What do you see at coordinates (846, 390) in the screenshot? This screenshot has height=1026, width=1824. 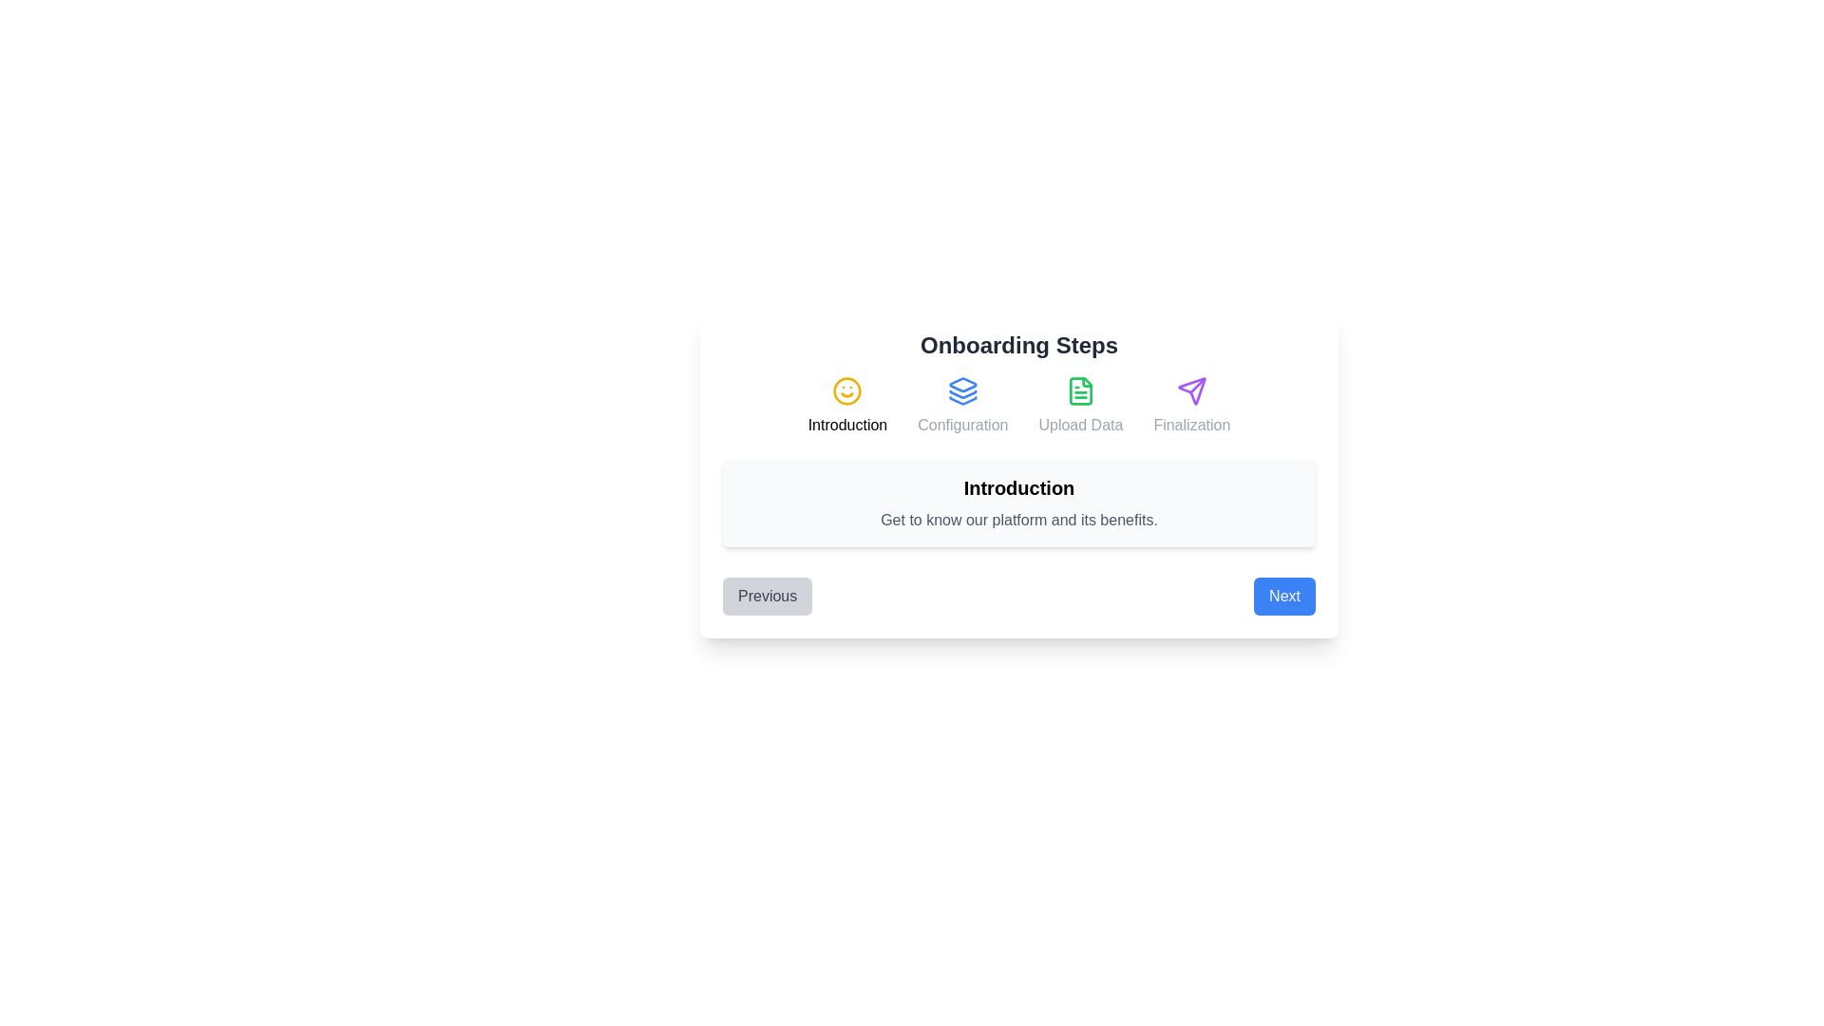 I see `the leftmost circular icon depicting a smiling face in bold yellow, located under the 'Onboarding Steps' section, above the text 'Introduction'` at bounding box center [846, 390].